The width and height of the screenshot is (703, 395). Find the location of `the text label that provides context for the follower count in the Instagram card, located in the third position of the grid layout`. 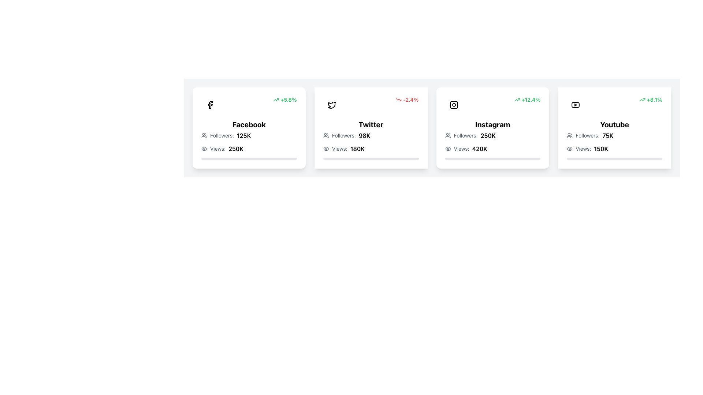

the text label that provides context for the follower count in the Instagram card, located in the third position of the grid layout is located at coordinates (465, 135).